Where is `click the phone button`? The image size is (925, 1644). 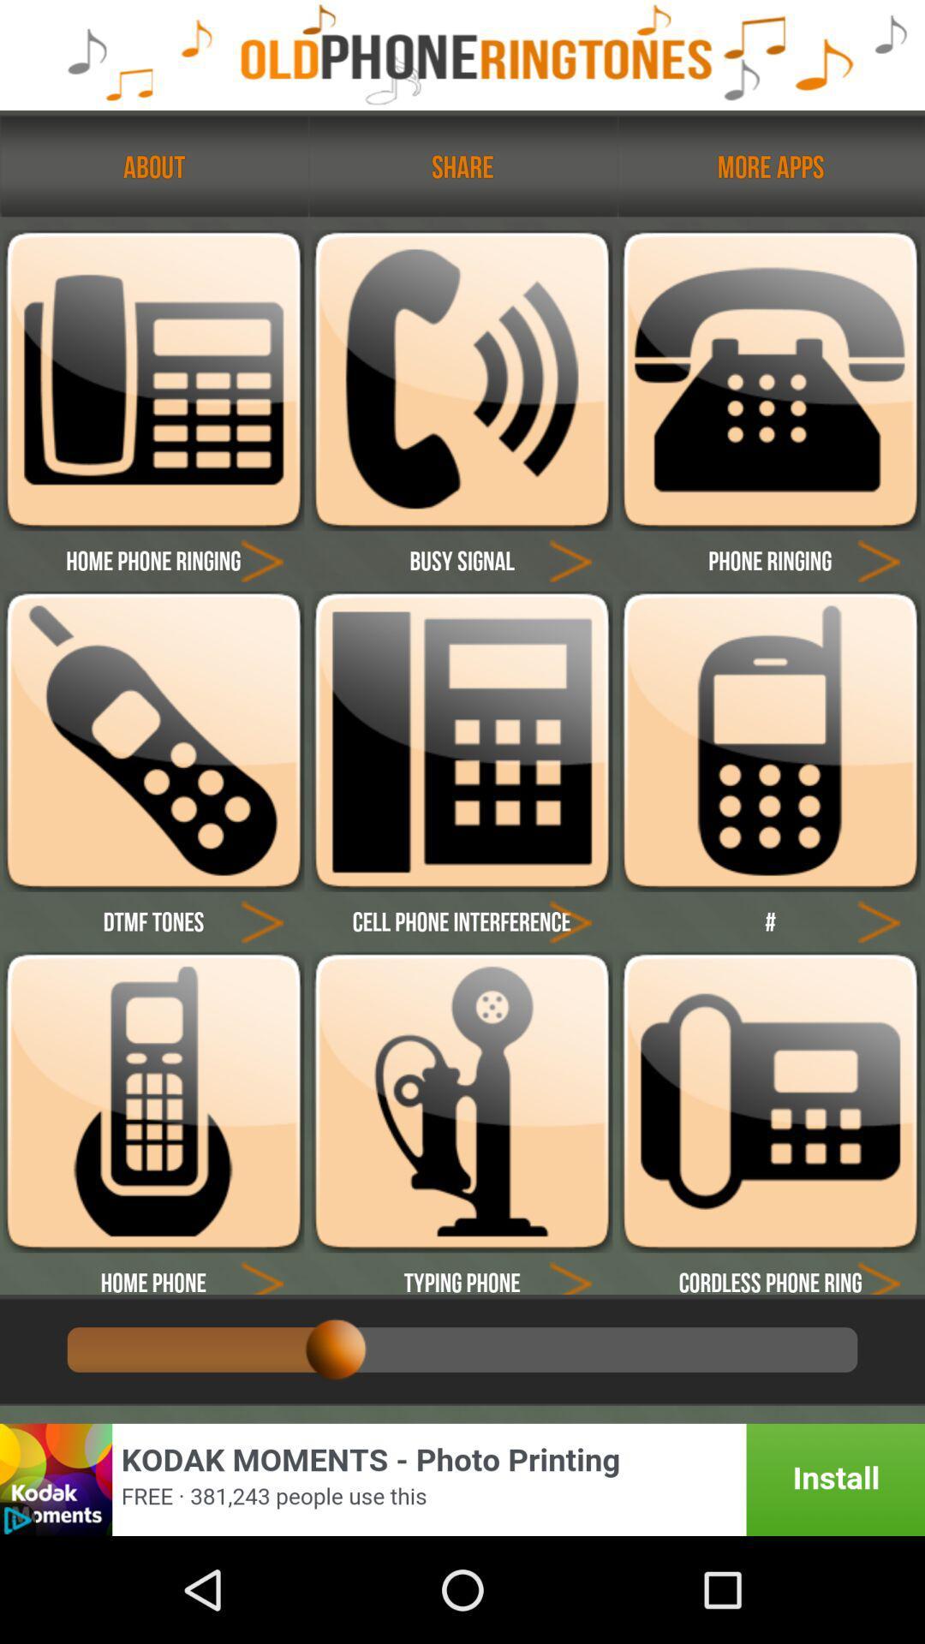
click the phone button is located at coordinates (769, 379).